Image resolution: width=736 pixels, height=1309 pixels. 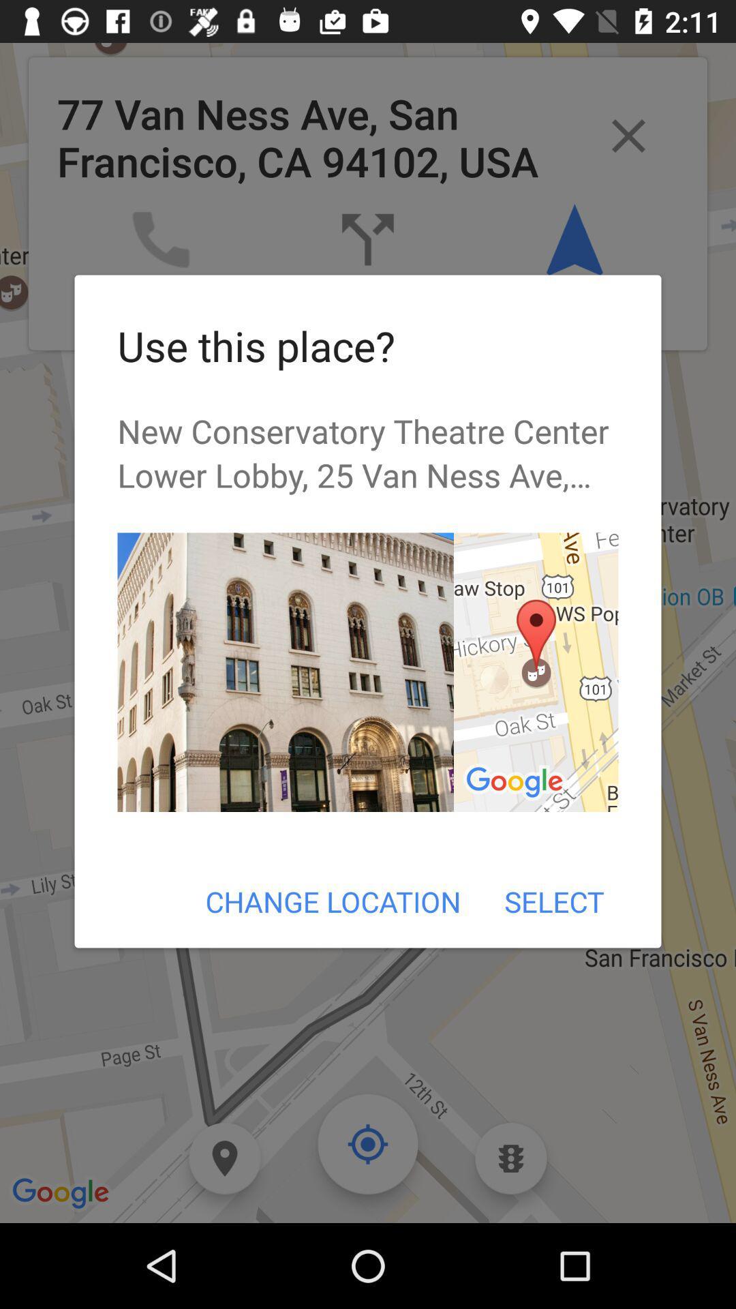 I want to click on icon to the right of change location icon, so click(x=554, y=901).